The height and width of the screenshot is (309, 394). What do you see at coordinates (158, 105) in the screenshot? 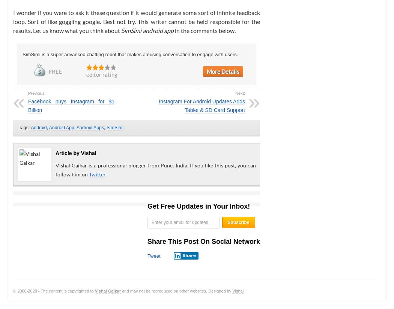
I see `'Instagram For Android Updates Adds Tablet & SD Card Support'` at bounding box center [158, 105].